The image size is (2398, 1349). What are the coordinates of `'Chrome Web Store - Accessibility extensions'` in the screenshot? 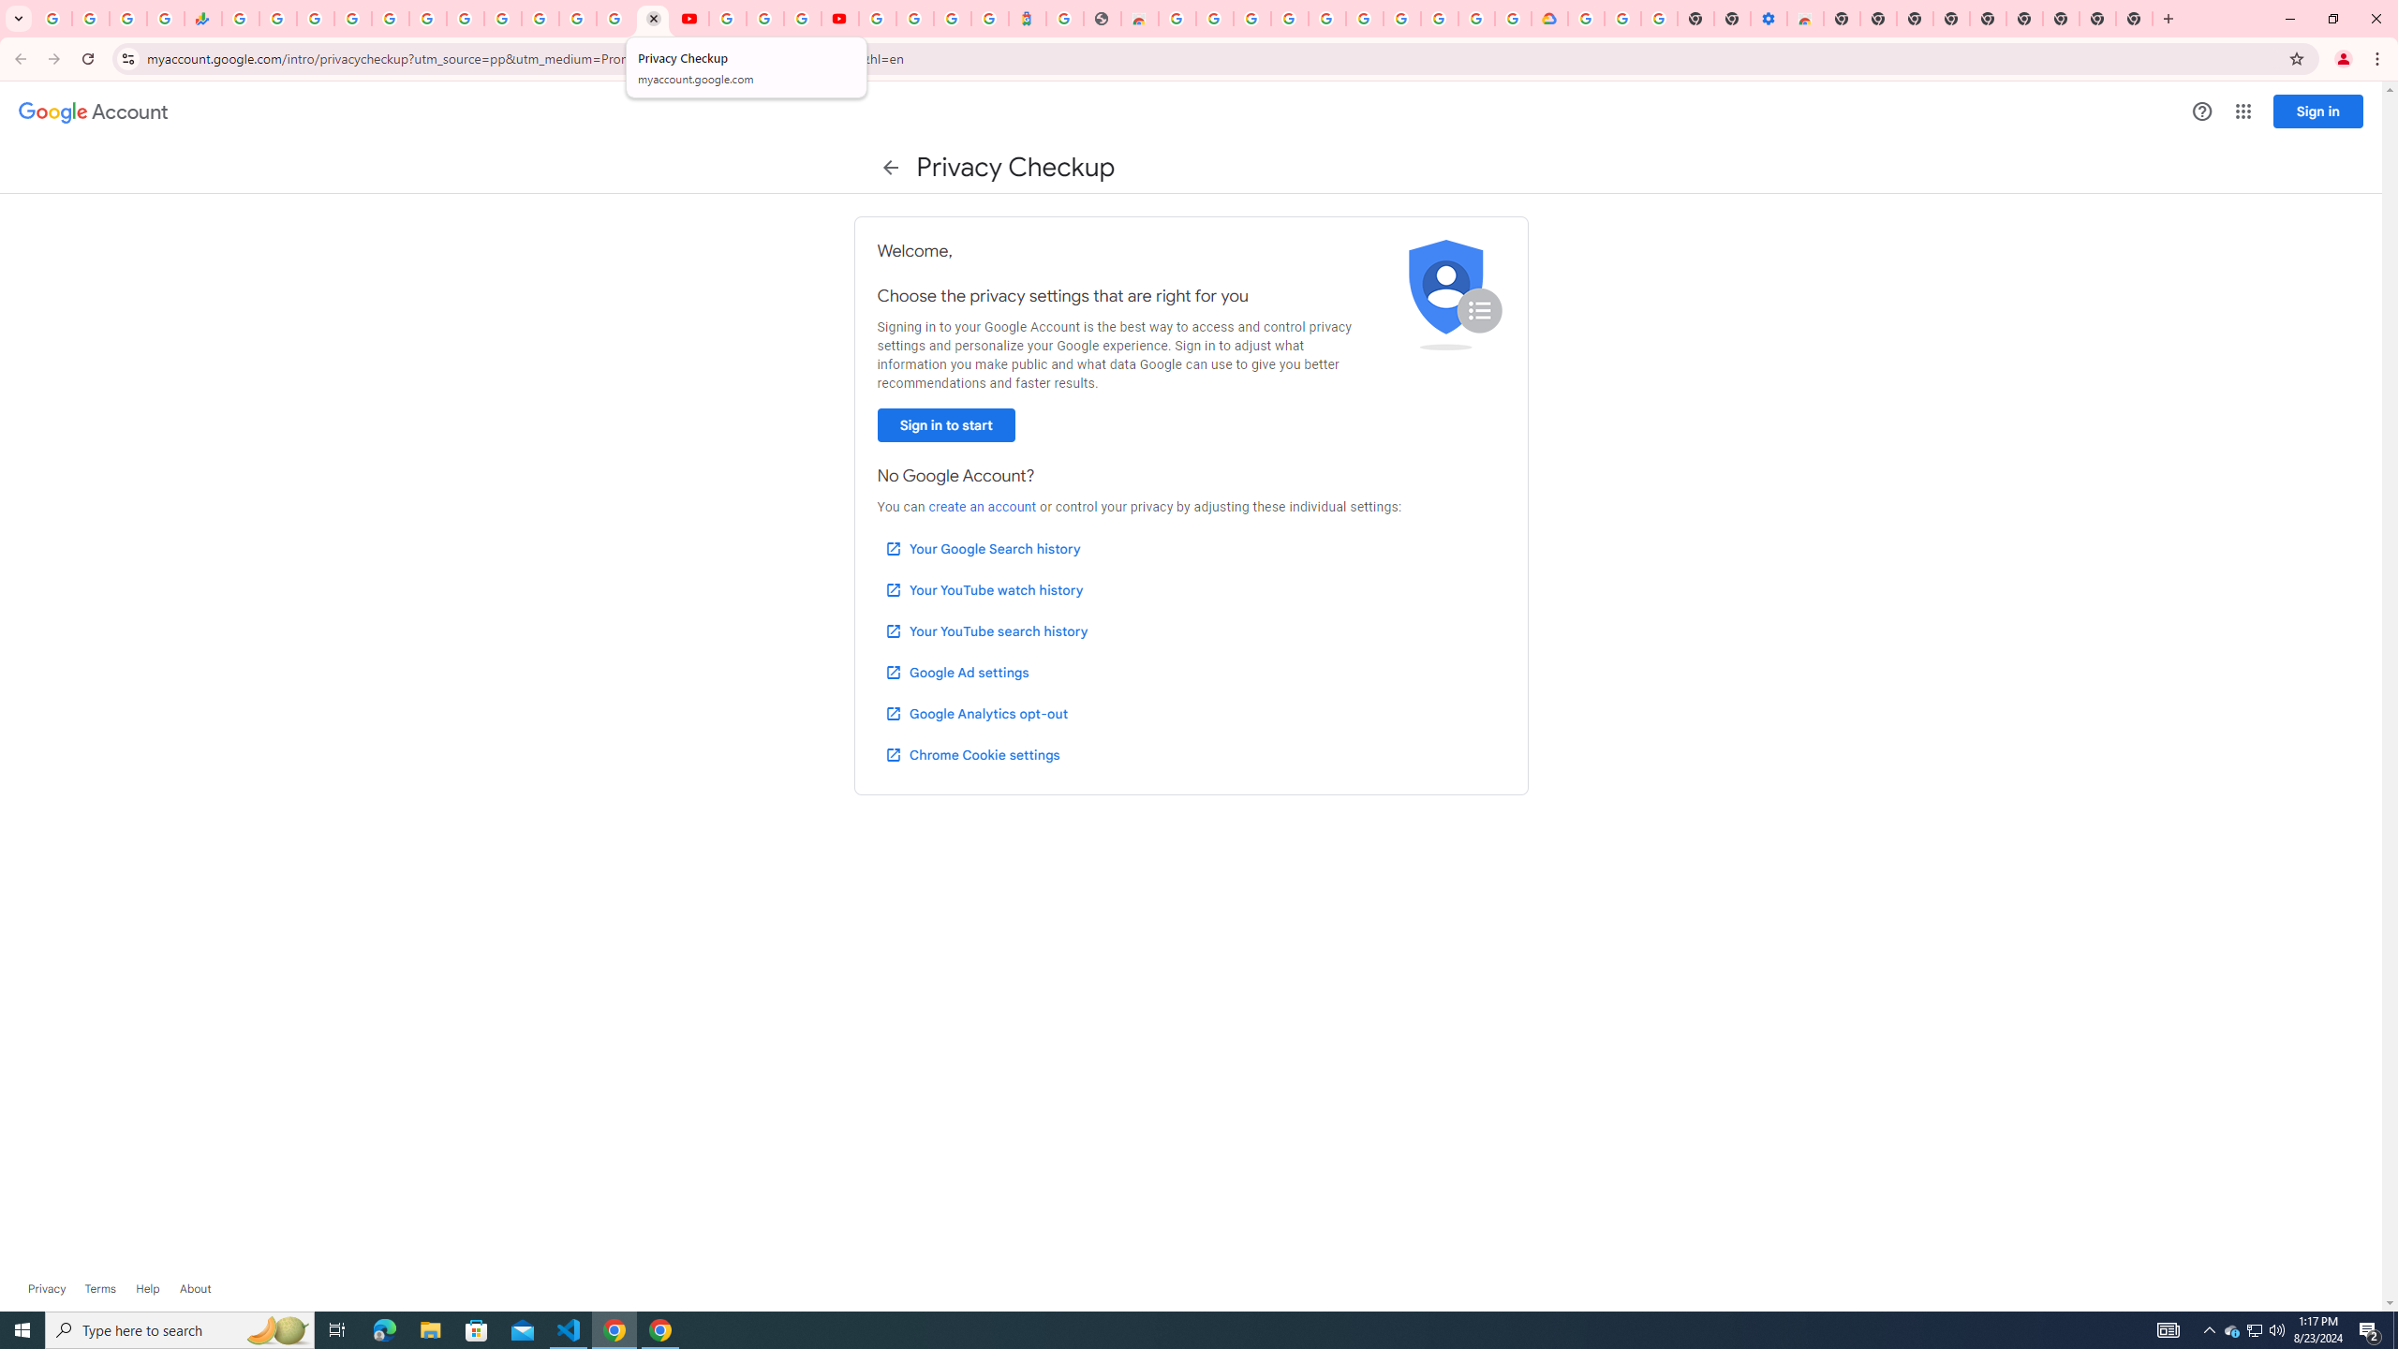 It's located at (1805, 18).